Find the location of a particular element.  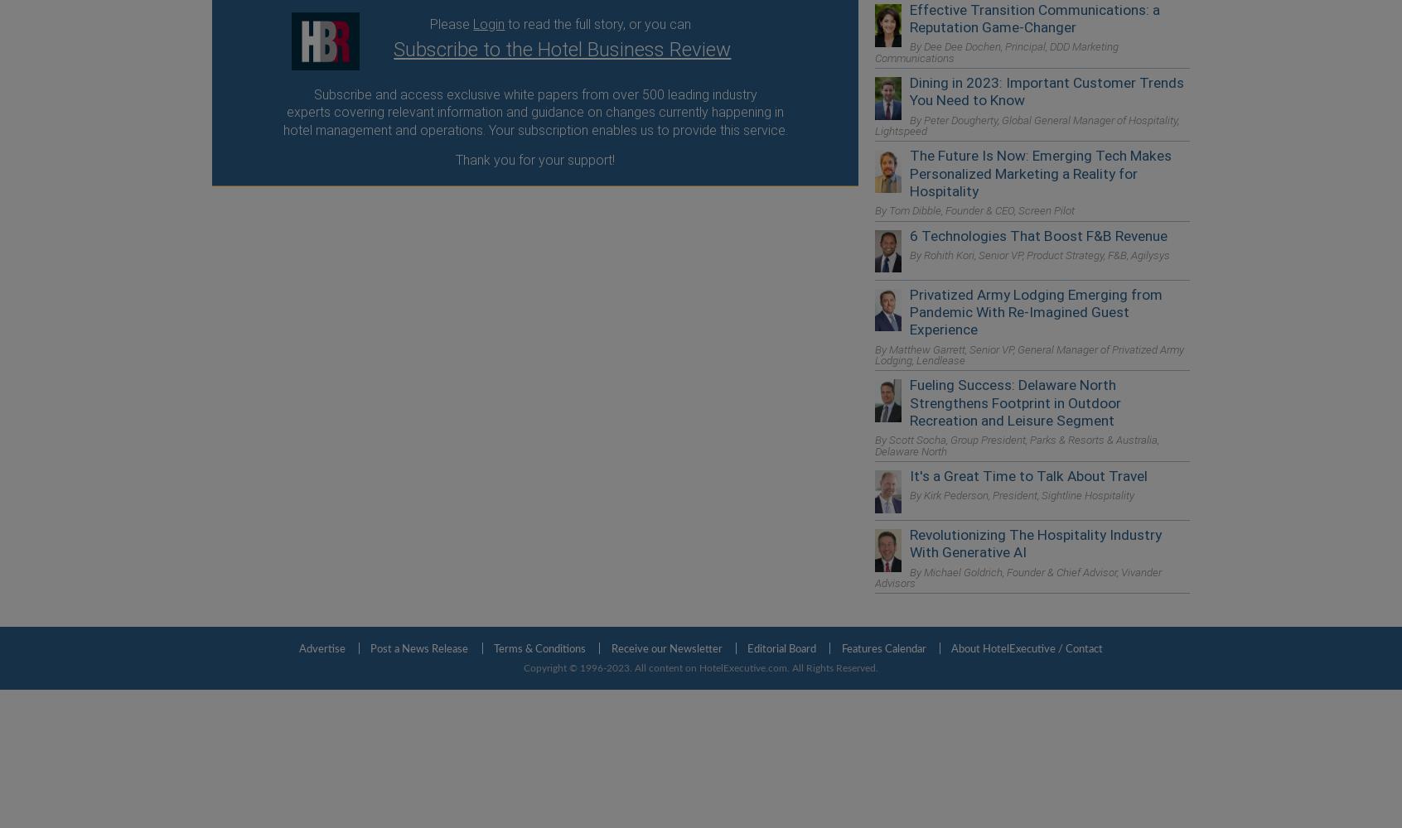

'By Michael Goldrich, Founder & Chief Advisor, Vivander Advisors' is located at coordinates (1018, 576).